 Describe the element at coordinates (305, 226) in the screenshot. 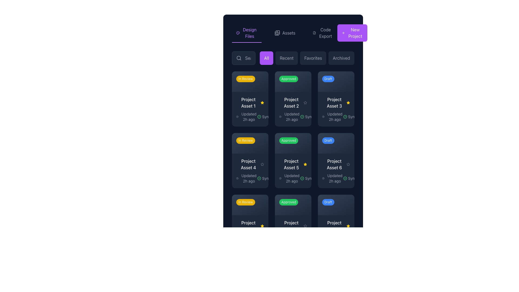

I see `the star icon located in the bottom-left corner of the last card in the grid layout` at that location.